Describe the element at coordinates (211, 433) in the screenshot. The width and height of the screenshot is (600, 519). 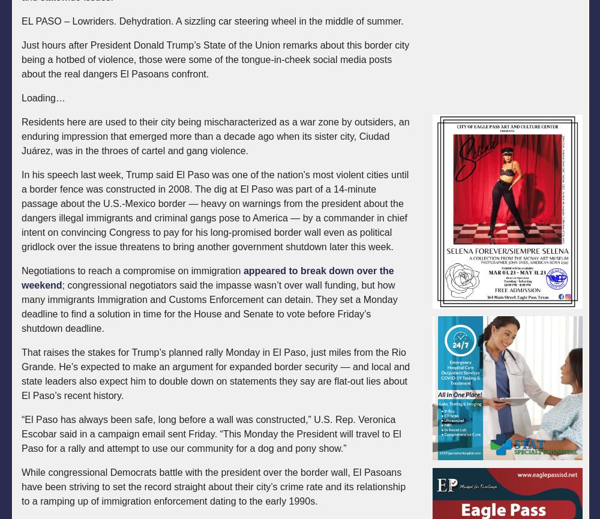
I see `'“El Paso has always been safe, long before a wall was constructed,” U.S. Rep. Veronica Escobar said in a campaign email sent Friday. “This Monday the President will travel to El Paso for a rally and attempt to use our community for a dog and pony show.”'` at that location.